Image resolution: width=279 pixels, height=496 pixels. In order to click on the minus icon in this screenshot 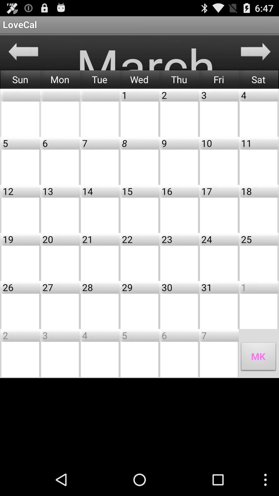, I will do `click(179, 384)`.